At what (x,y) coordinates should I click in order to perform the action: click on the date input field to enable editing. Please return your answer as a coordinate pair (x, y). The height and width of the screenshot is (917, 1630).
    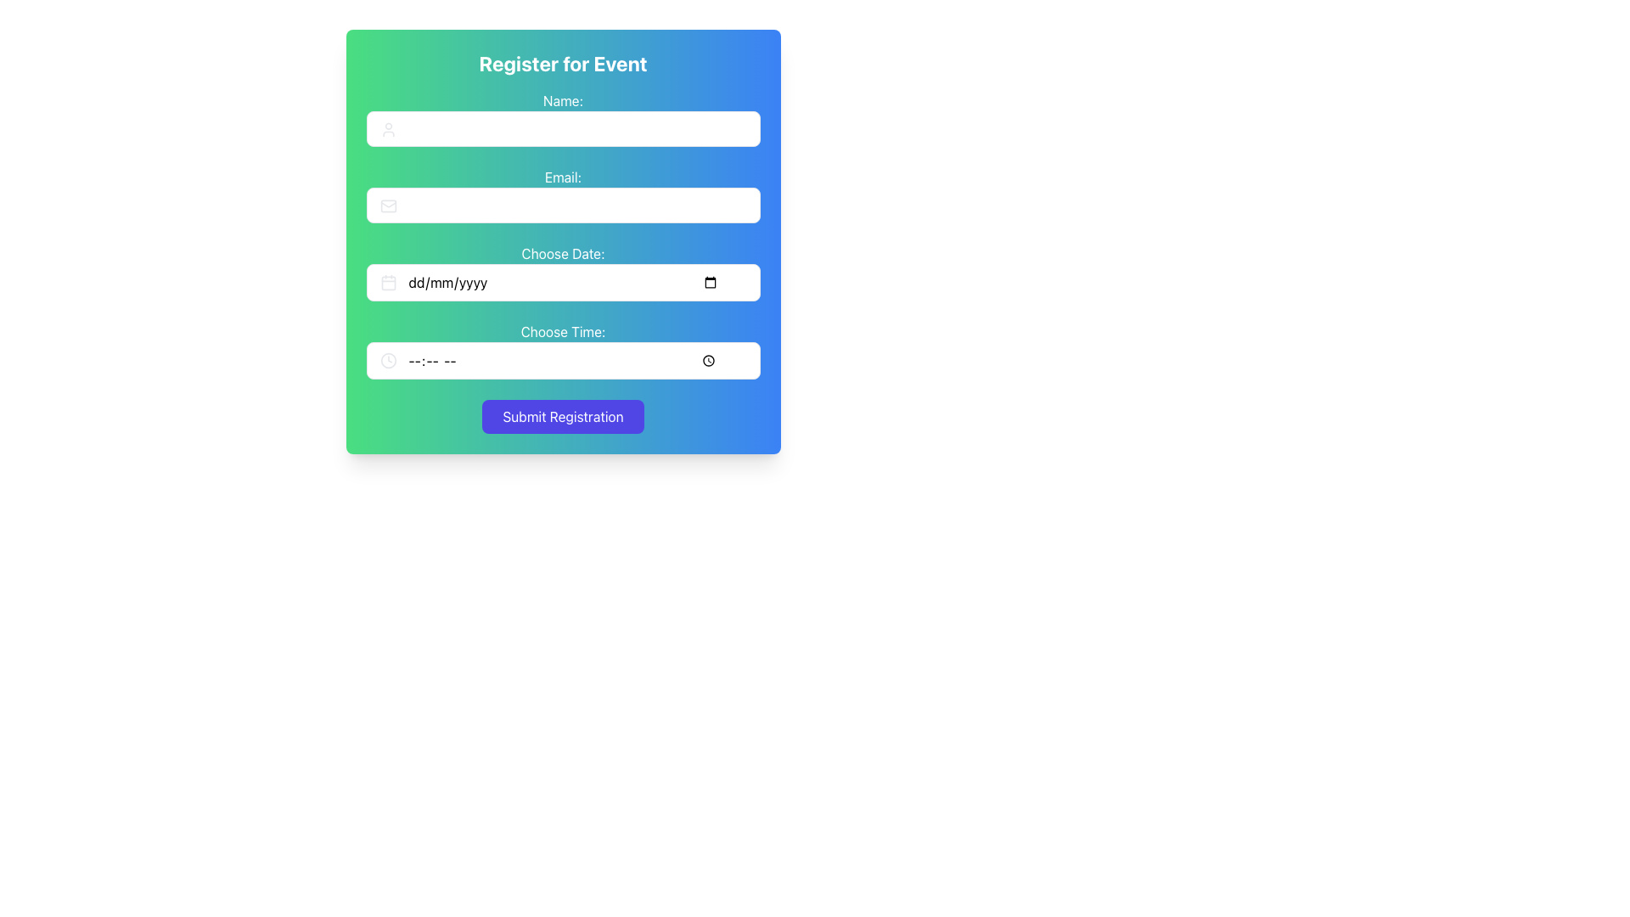
    Looking at the image, I should click on (563, 281).